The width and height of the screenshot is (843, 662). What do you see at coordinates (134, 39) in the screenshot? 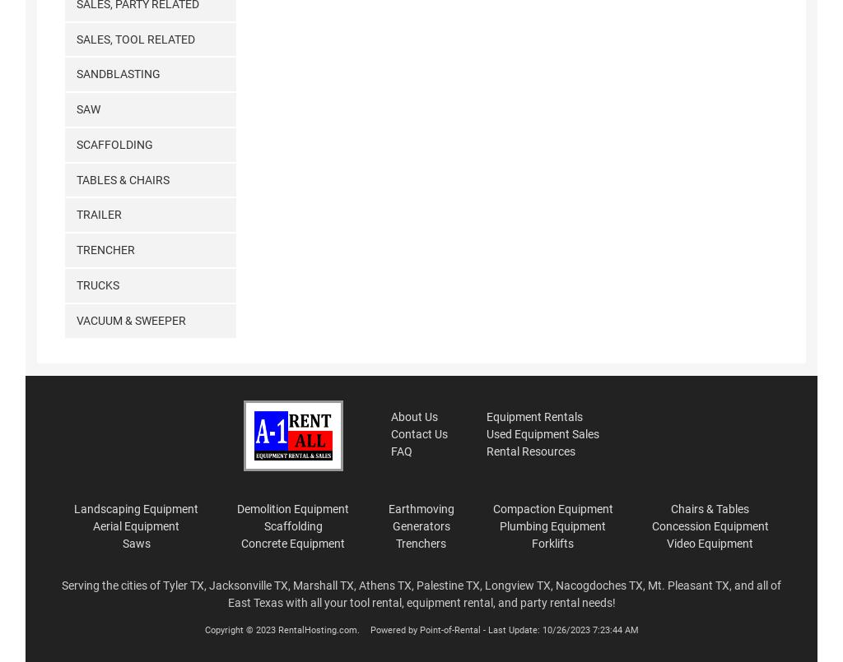
I see `'Sales, Tool Related'` at bounding box center [134, 39].